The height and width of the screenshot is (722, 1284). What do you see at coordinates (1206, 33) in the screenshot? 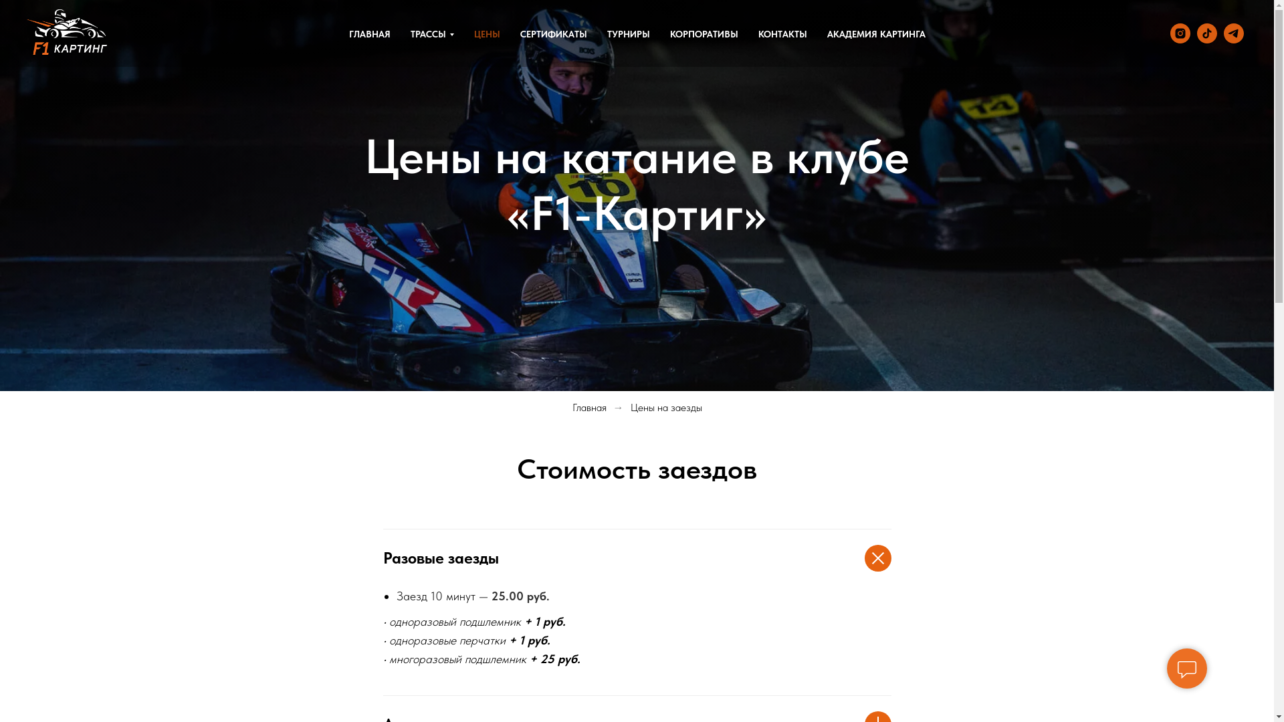
I see `'TIKTOK'` at bounding box center [1206, 33].